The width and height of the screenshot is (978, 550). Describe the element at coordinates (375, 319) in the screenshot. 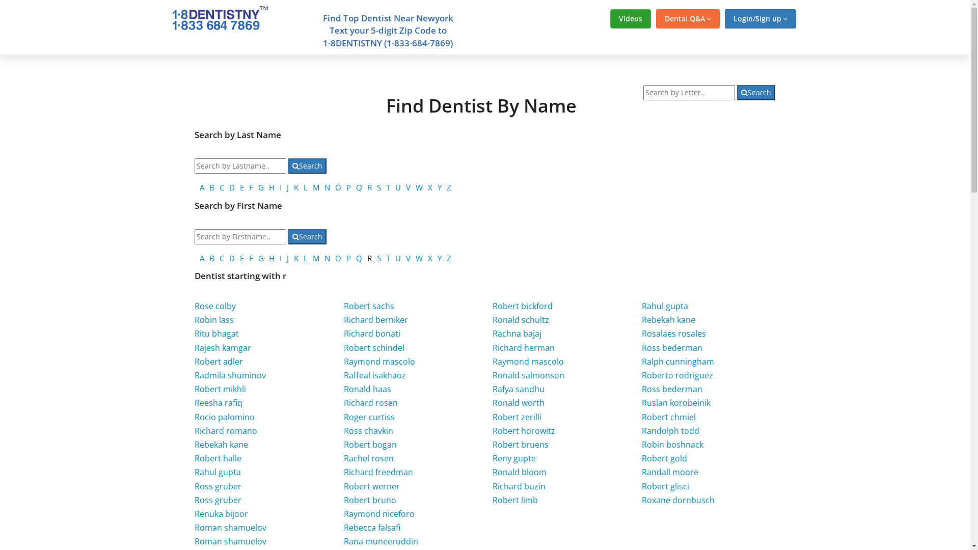

I see `'Richard berniker'` at that location.